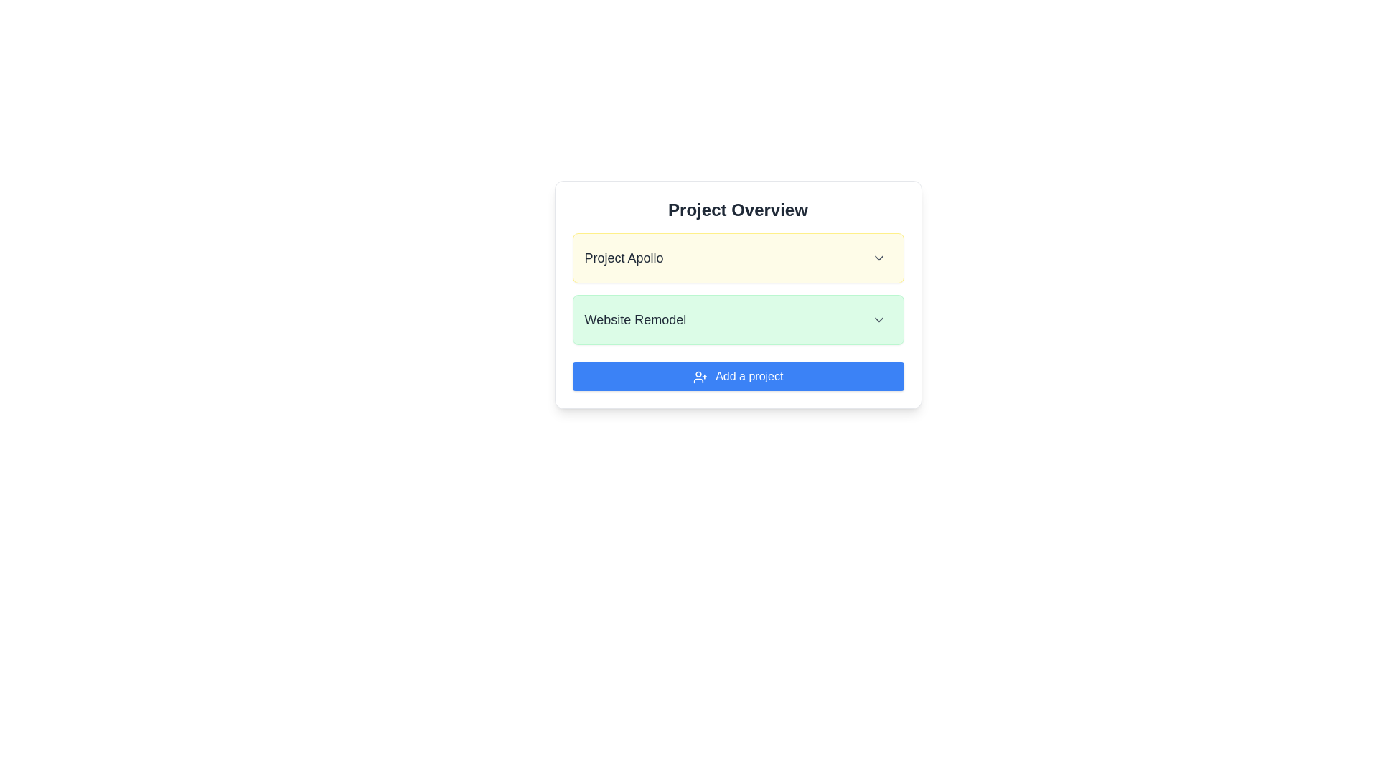 The height and width of the screenshot is (775, 1378). Describe the element at coordinates (738, 319) in the screenshot. I see `the Drop-down menu trigger labeled 'Website Remodel'` at that location.